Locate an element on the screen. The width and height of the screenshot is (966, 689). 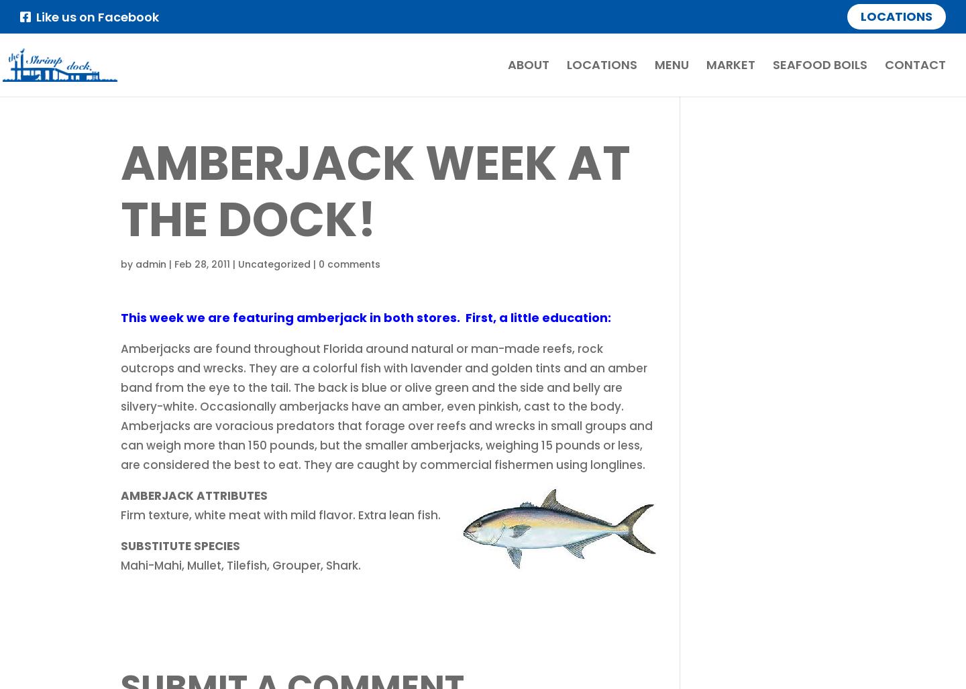
'Menu' is located at coordinates (671, 64).